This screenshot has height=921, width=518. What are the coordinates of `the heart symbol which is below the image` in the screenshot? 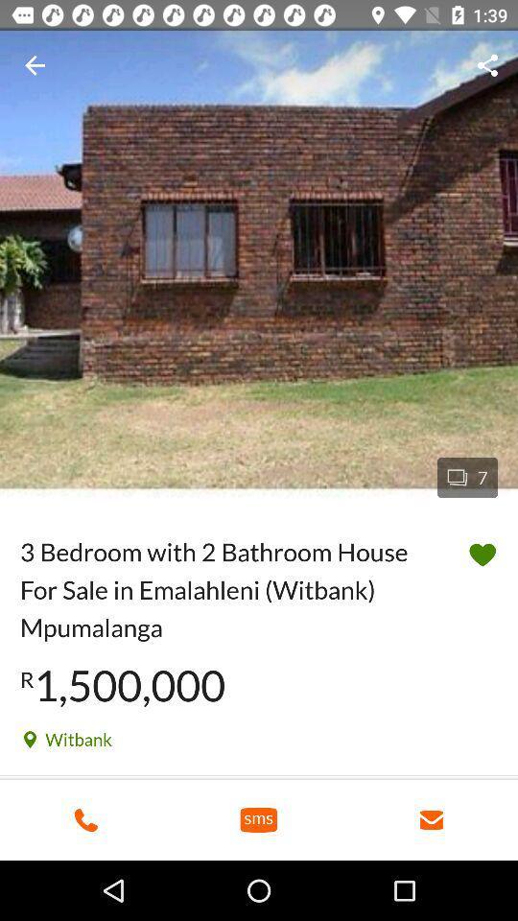 It's located at (482, 555).